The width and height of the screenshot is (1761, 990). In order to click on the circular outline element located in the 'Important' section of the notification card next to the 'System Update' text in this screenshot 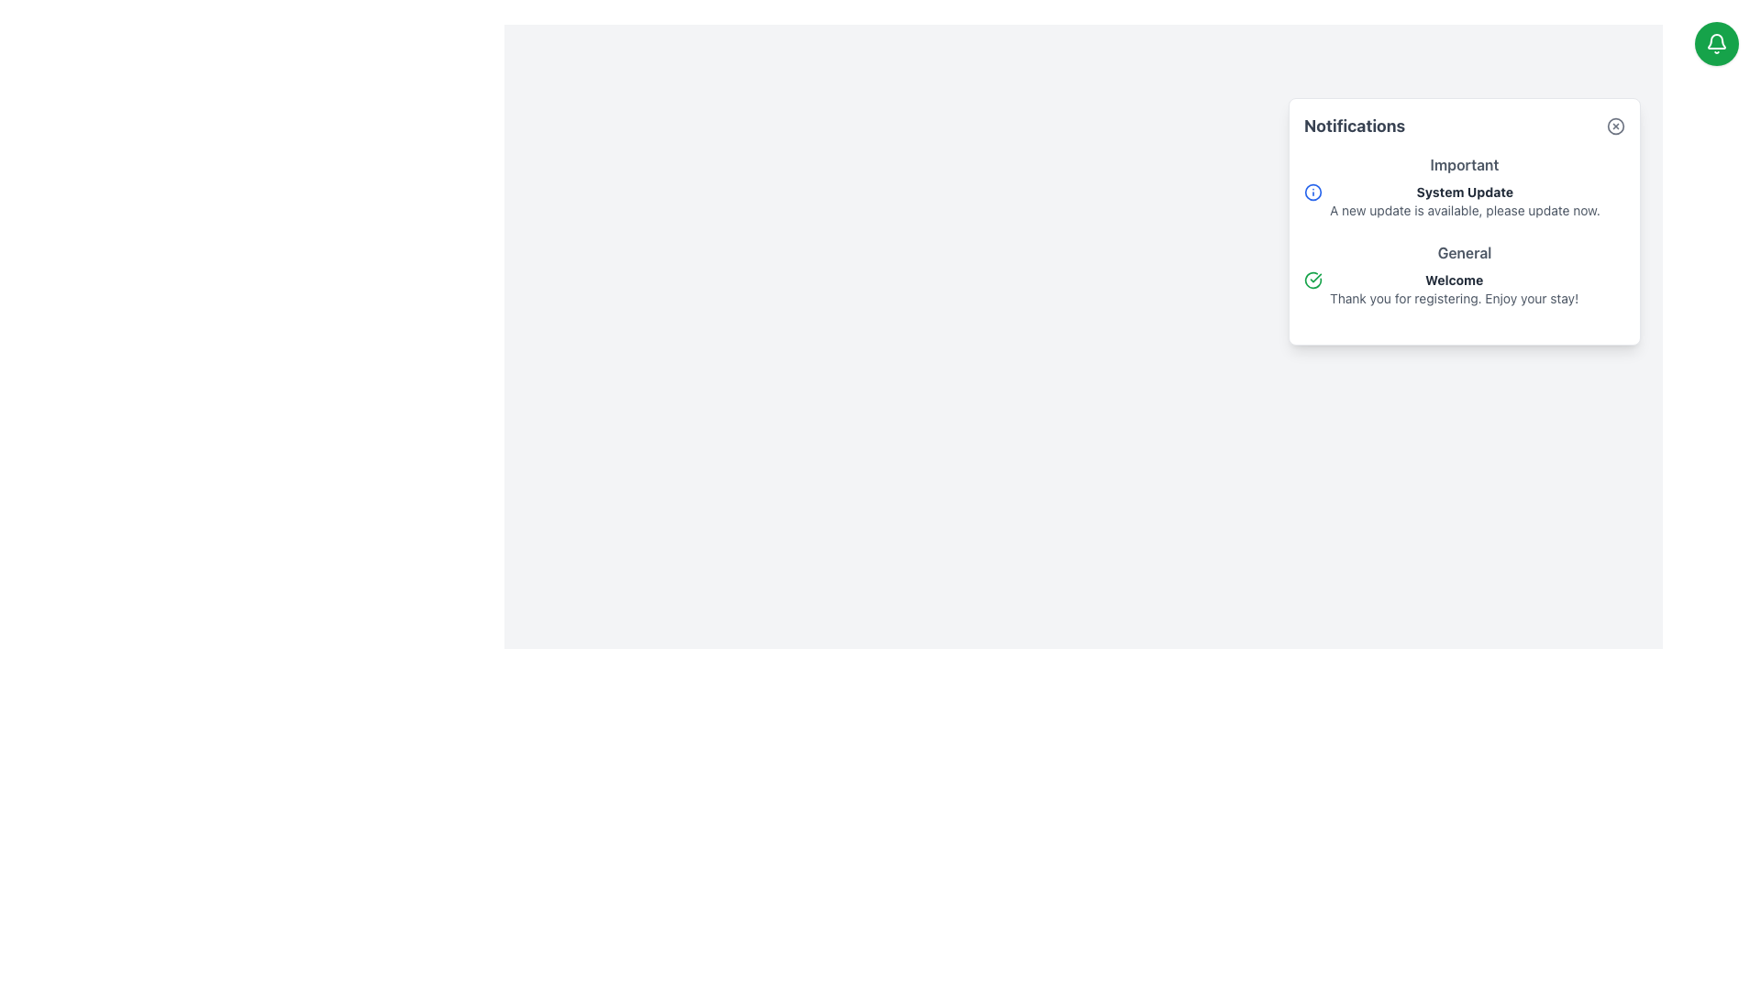, I will do `click(1312, 192)`.